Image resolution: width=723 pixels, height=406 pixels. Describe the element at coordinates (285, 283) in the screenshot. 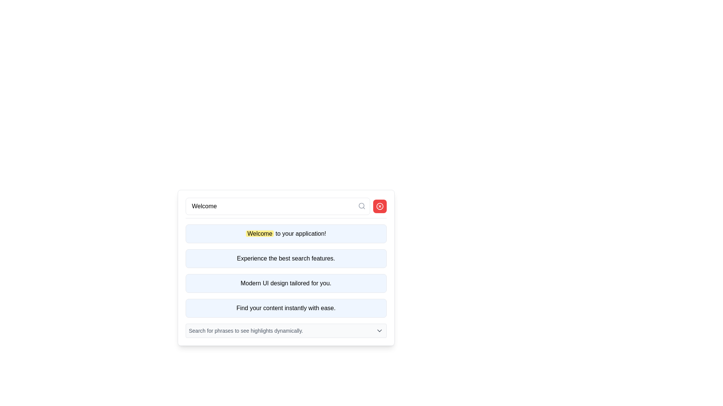

I see `the third Static Content Card in the list, which is positioned between the card stating 'Experience the best search features.' and the card stating 'Find your content instantly with ease.'` at that location.